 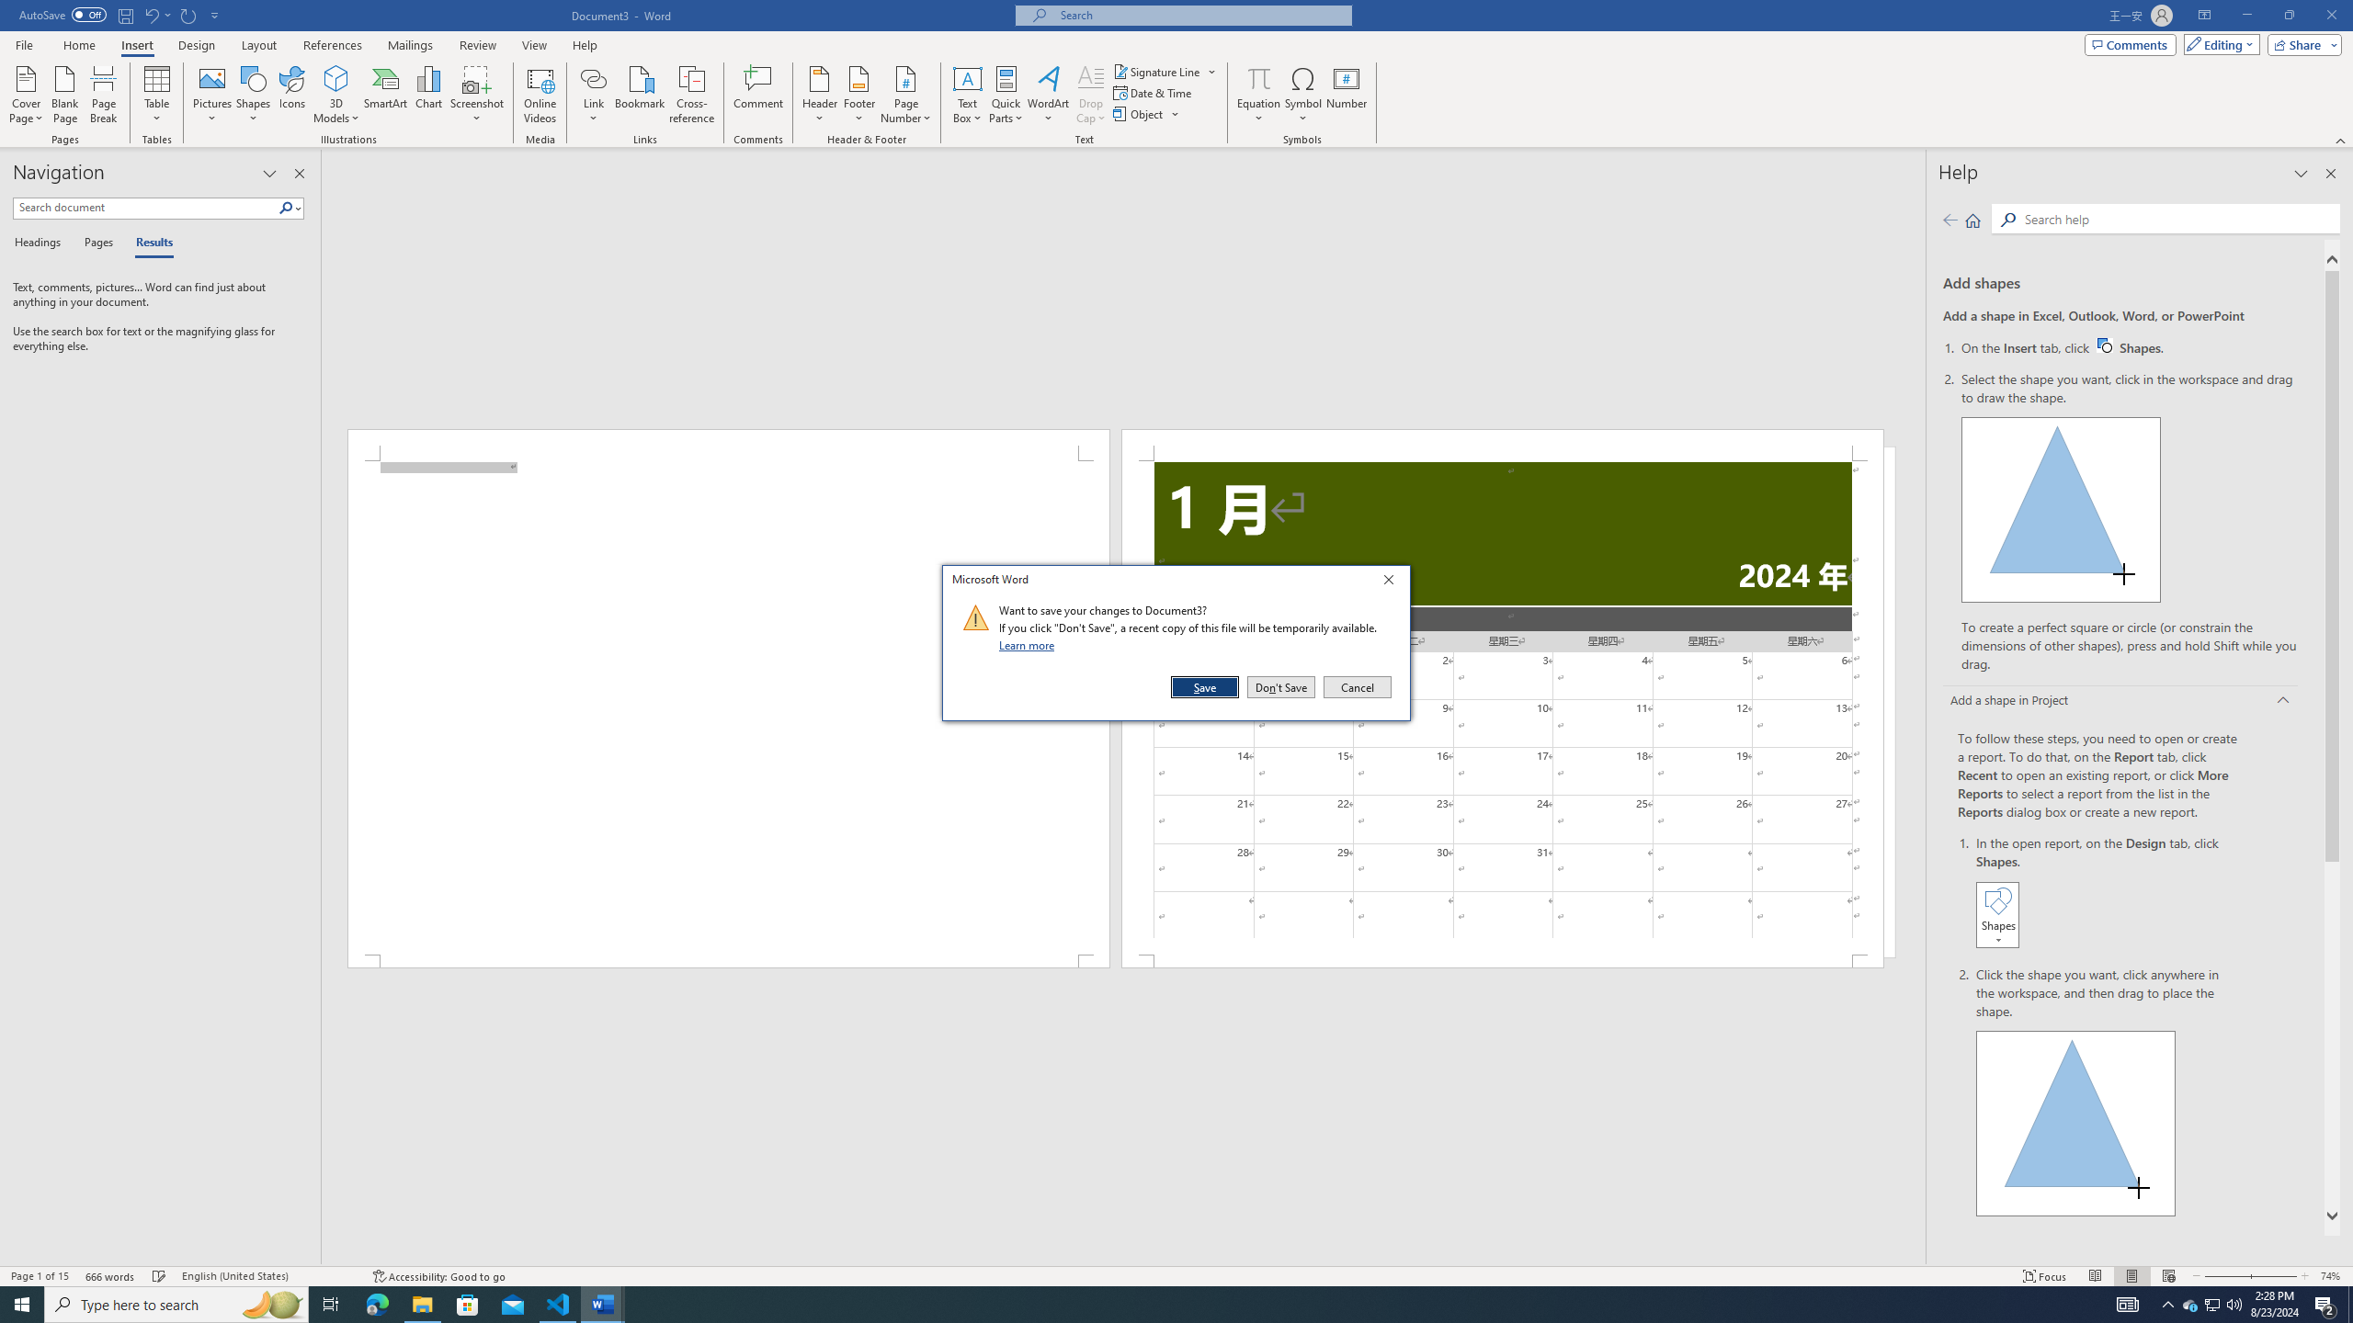 What do you see at coordinates (428, 95) in the screenshot?
I see `'Chart...'` at bounding box center [428, 95].